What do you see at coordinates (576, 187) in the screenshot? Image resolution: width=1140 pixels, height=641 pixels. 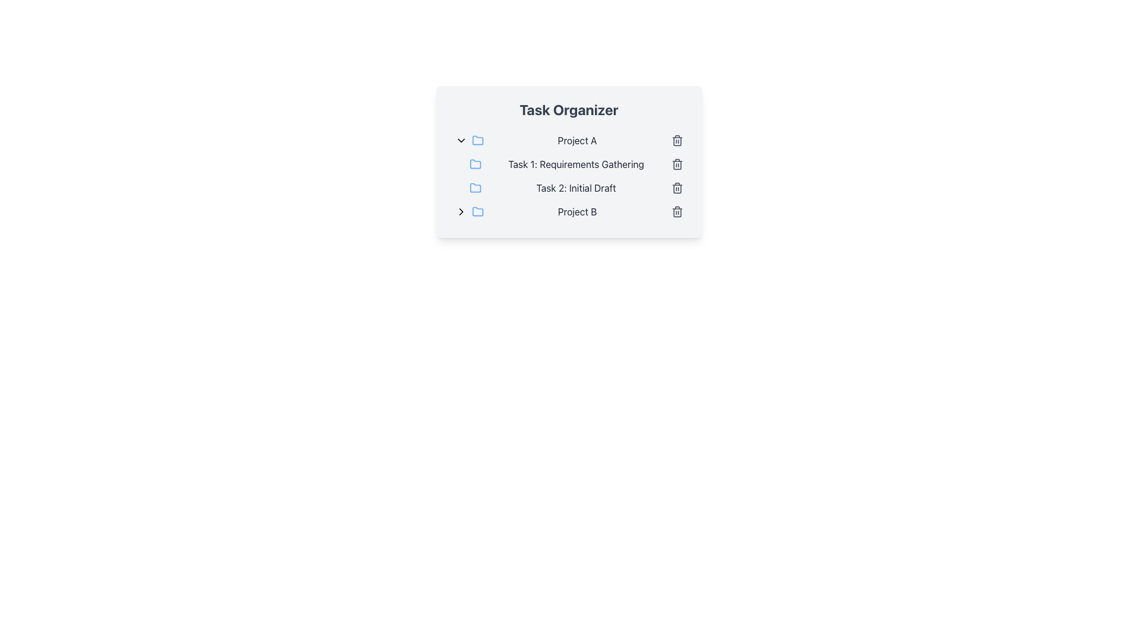 I see `the text display for 'Task 2: Initial Draft'` at bounding box center [576, 187].